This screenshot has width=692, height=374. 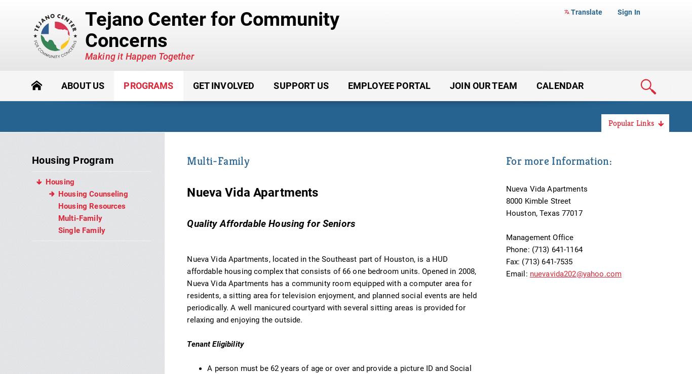 What do you see at coordinates (72, 160) in the screenshot?
I see `'Housing Program'` at bounding box center [72, 160].